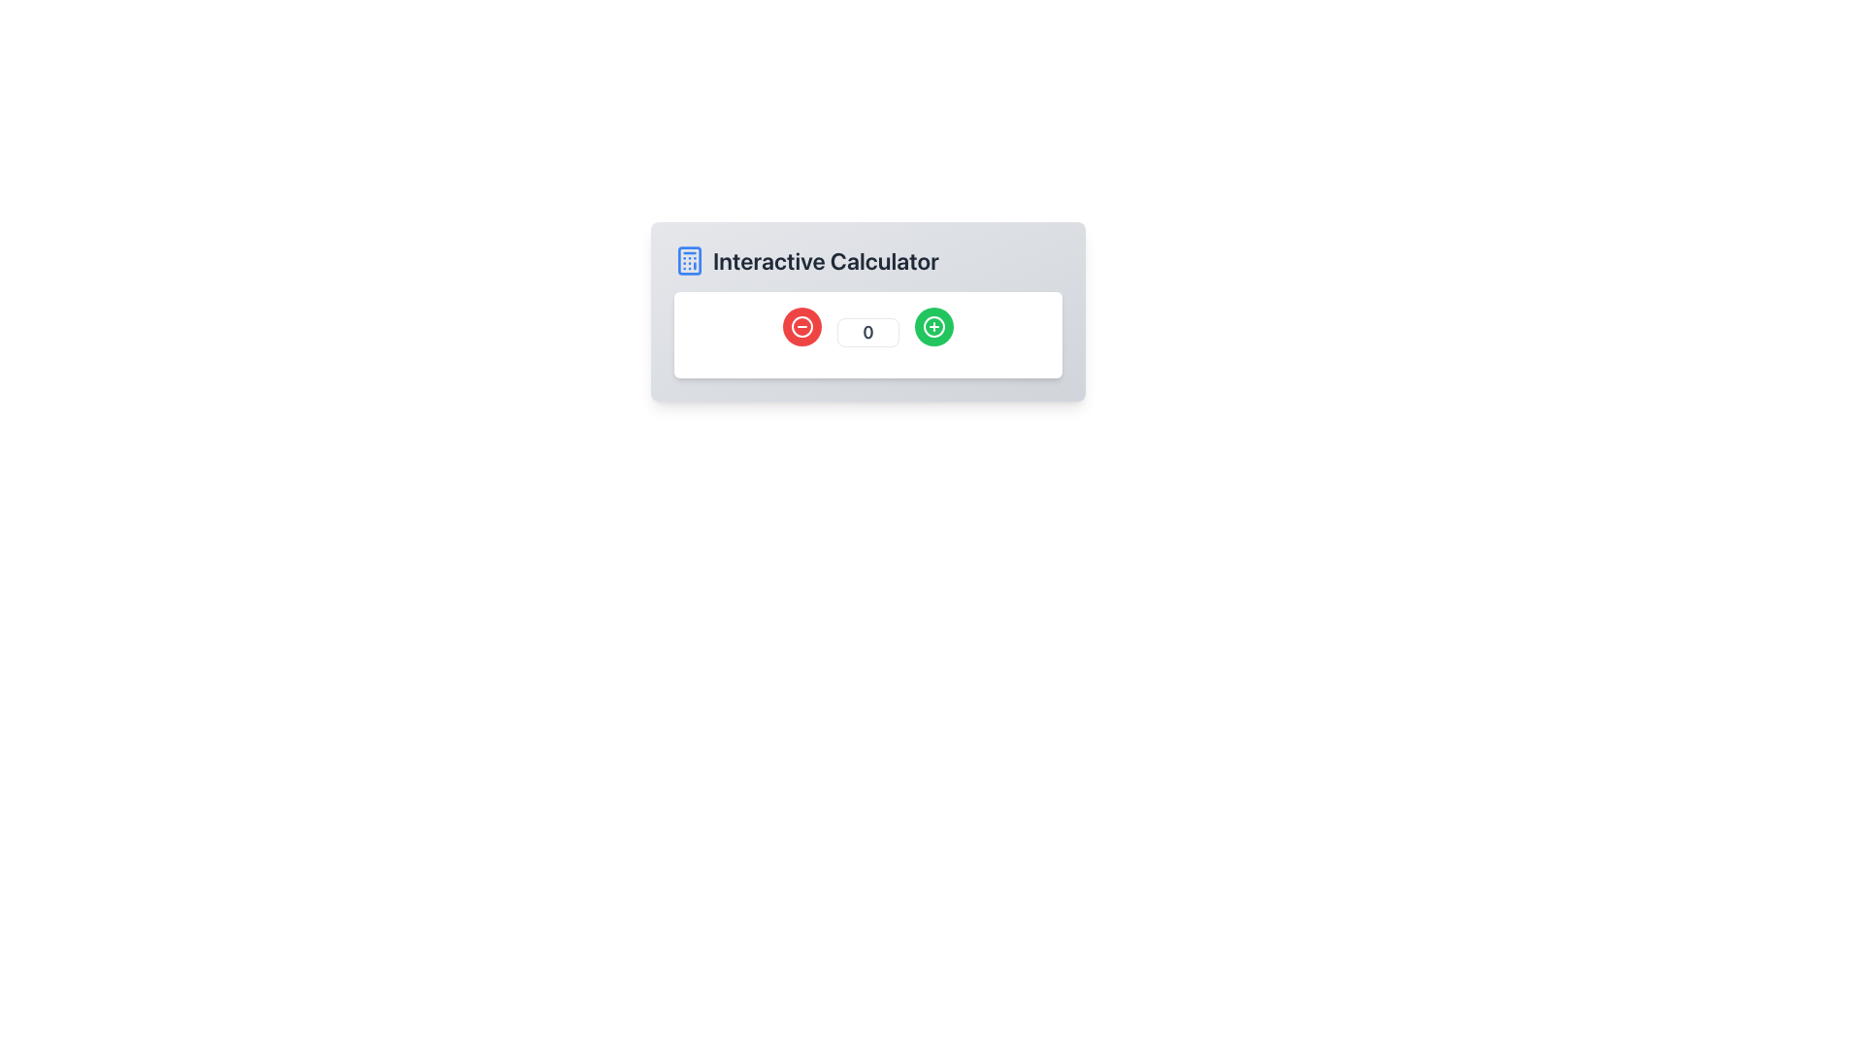  I want to click on the button to decrease the numerical value displayed in the calculator interface, which is centrally positioned to the left of the numeric display and the green circular button with a plus sign, so click(801, 325).